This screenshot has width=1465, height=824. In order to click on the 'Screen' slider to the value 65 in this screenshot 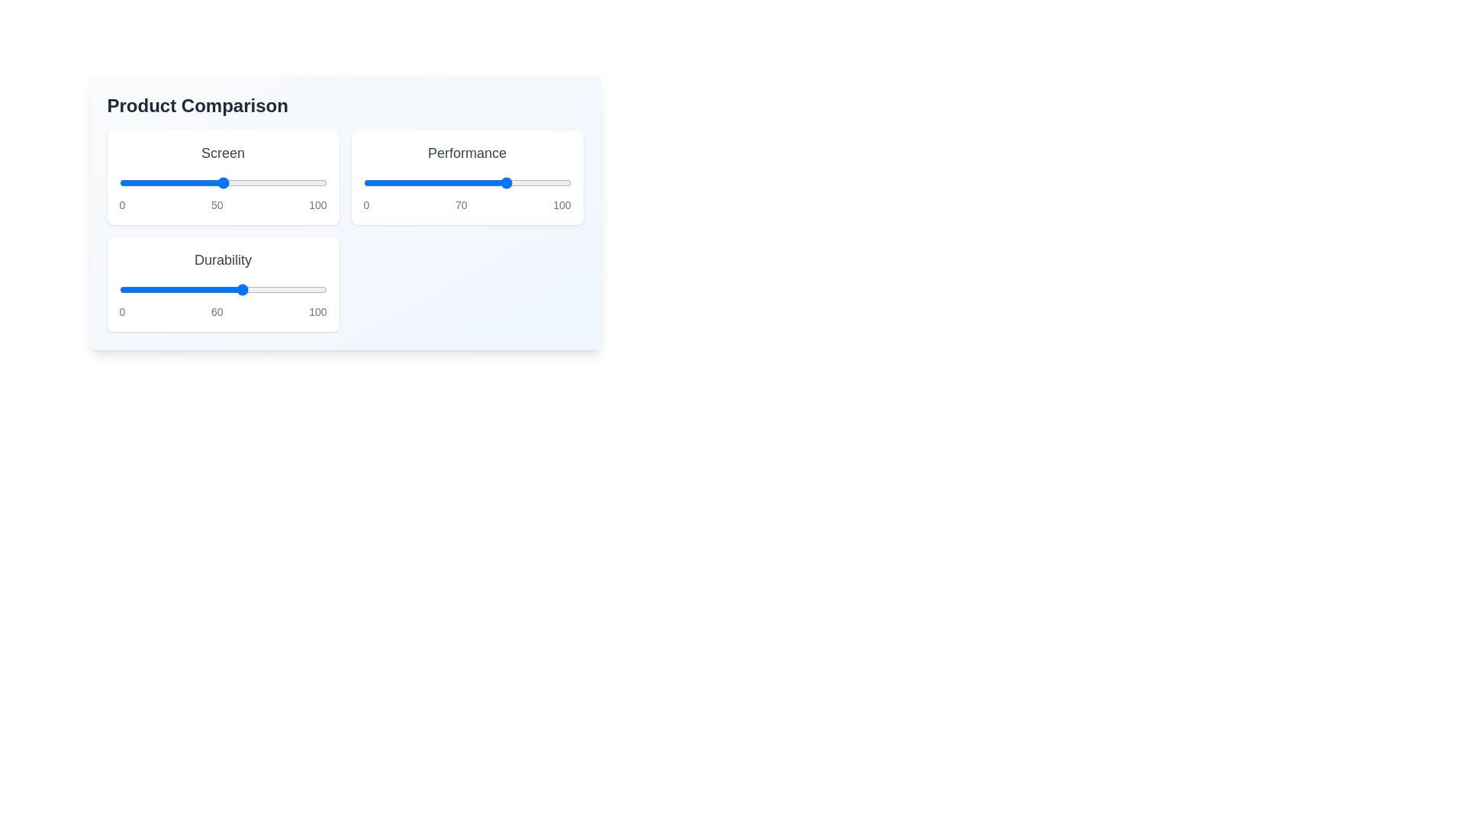, I will do `click(254, 182)`.